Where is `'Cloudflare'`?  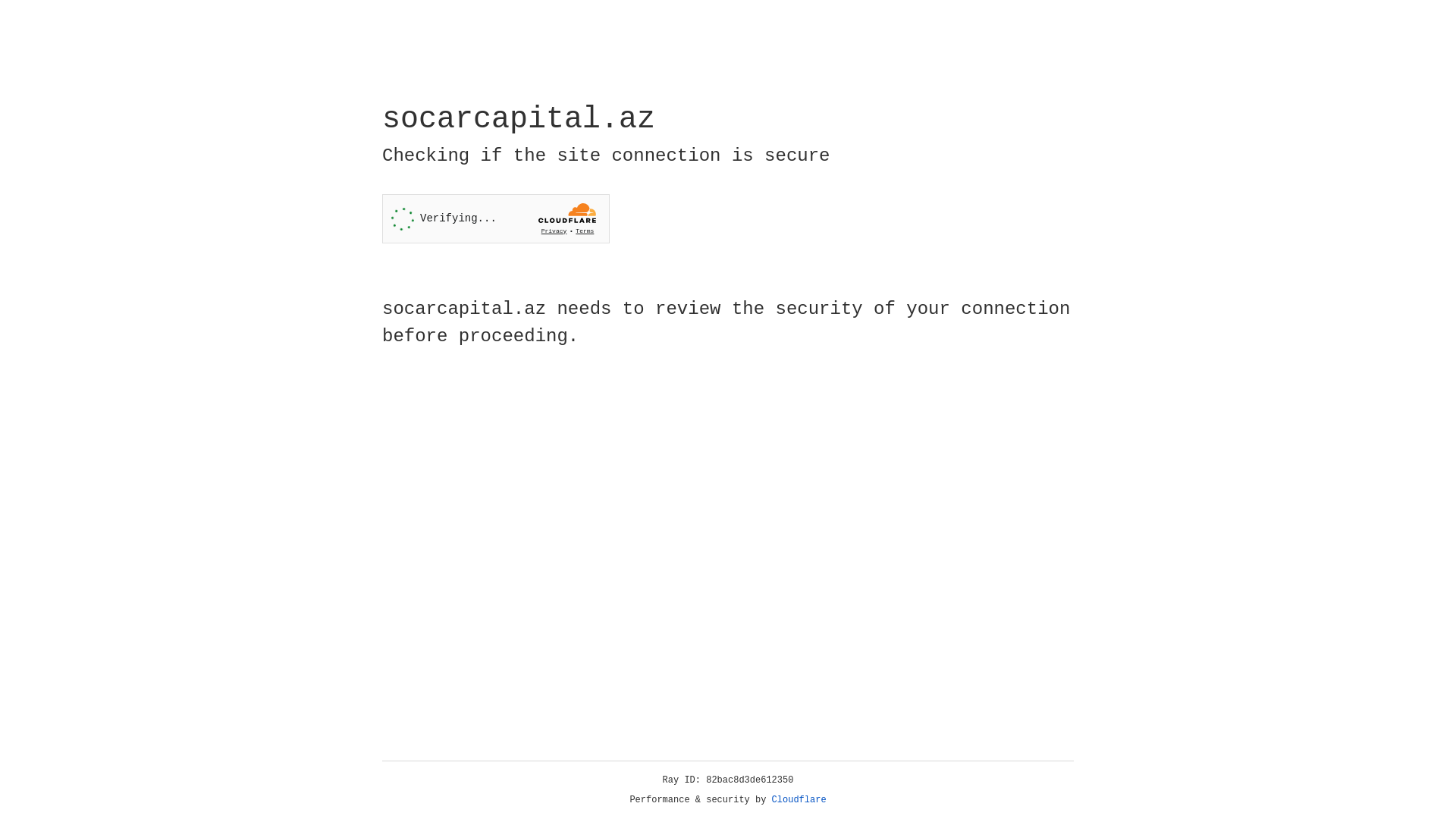 'Cloudflare' is located at coordinates (799, 799).